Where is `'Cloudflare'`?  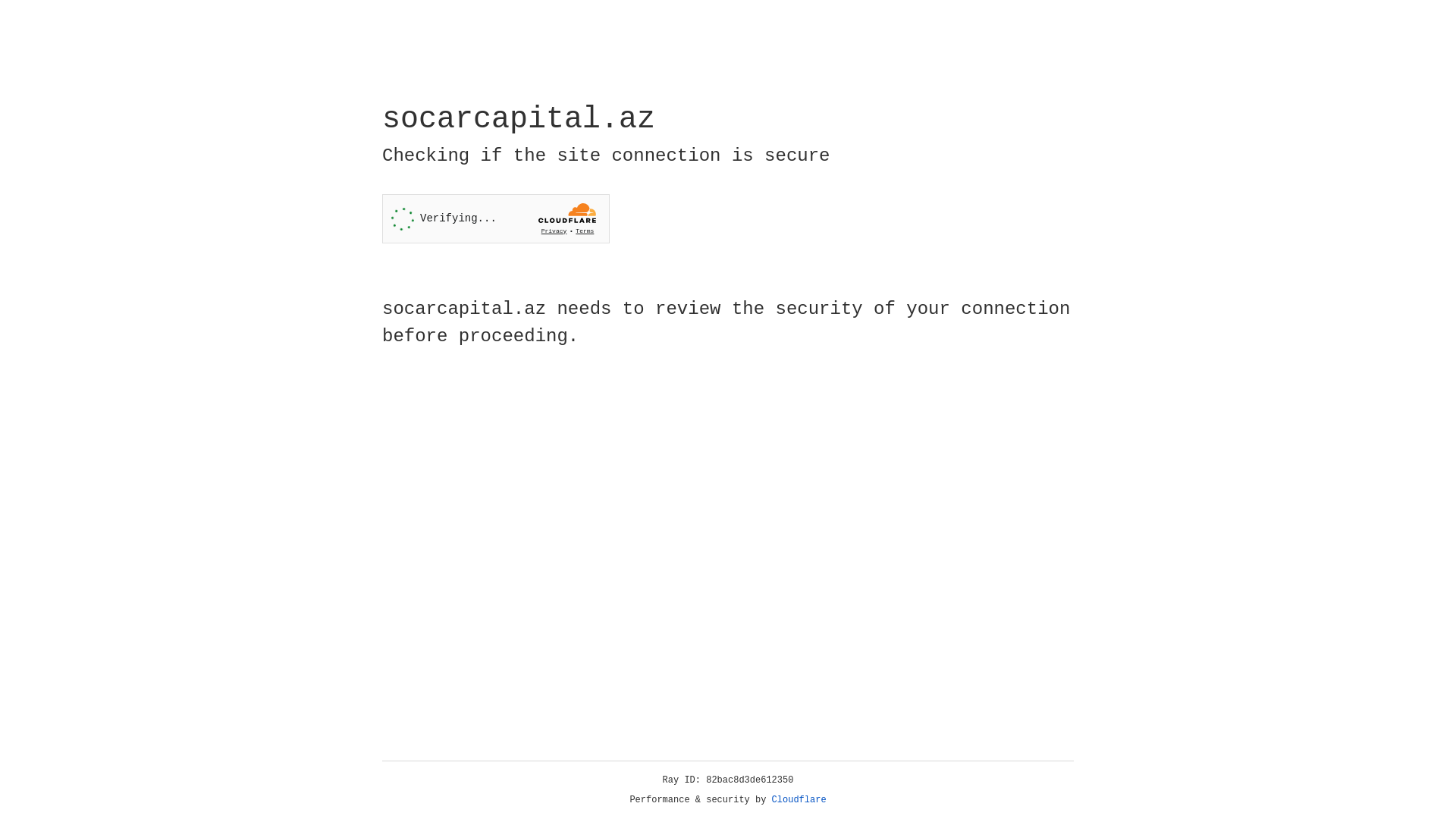 'Cloudflare' is located at coordinates (799, 799).